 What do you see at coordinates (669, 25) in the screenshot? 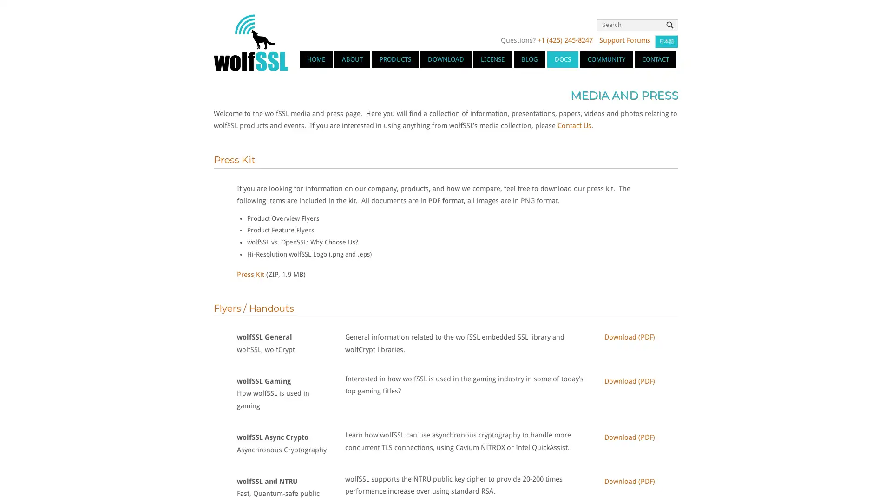
I see `Search` at bounding box center [669, 25].